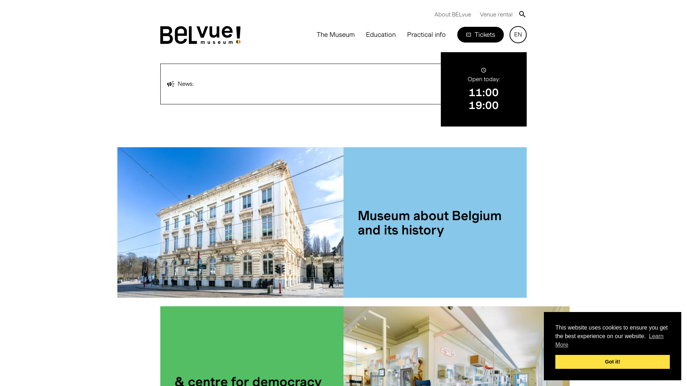 Image resolution: width=687 pixels, height=386 pixels. Describe the element at coordinates (612, 361) in the screenshot. I see `'Got it!'` at that location.